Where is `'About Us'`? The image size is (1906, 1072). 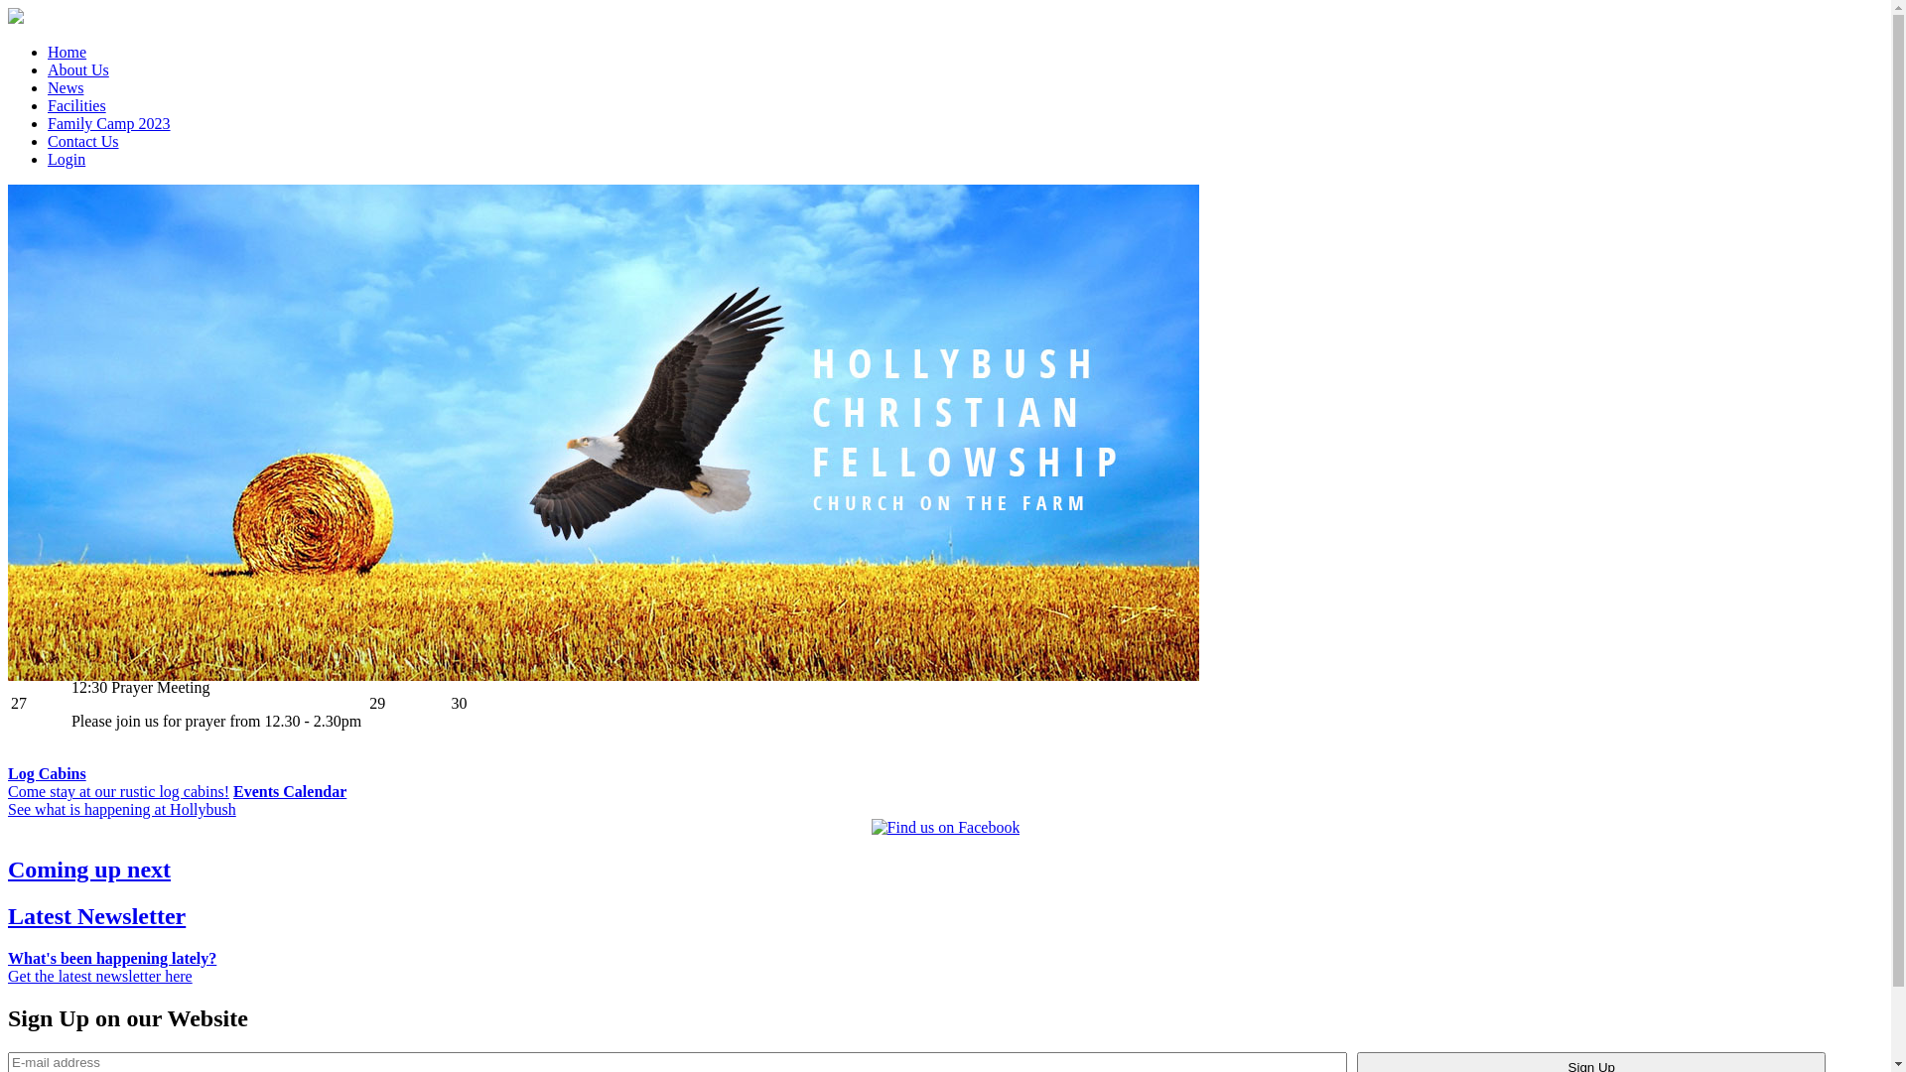 'About Us' is located at coordinates (77, 68).